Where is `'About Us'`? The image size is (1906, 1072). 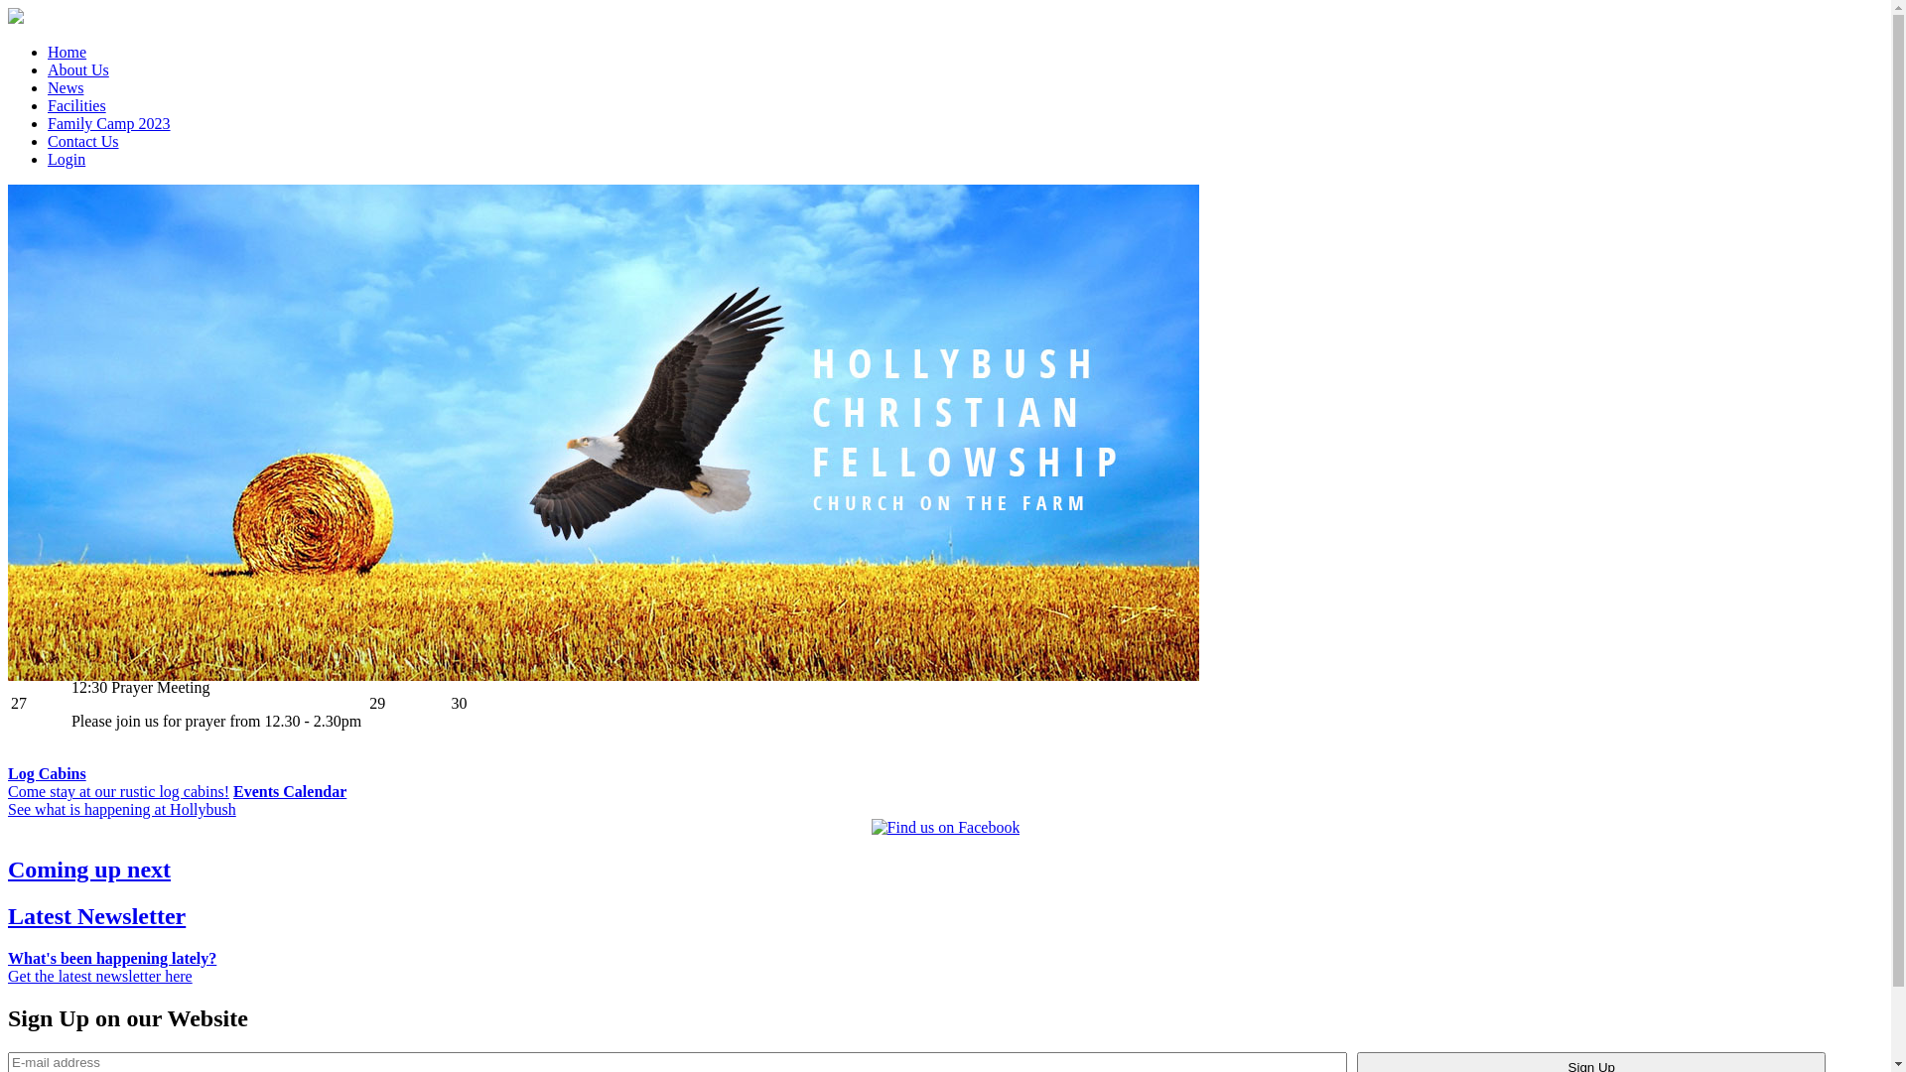 'About Us' is located at coordinates (77, 68).